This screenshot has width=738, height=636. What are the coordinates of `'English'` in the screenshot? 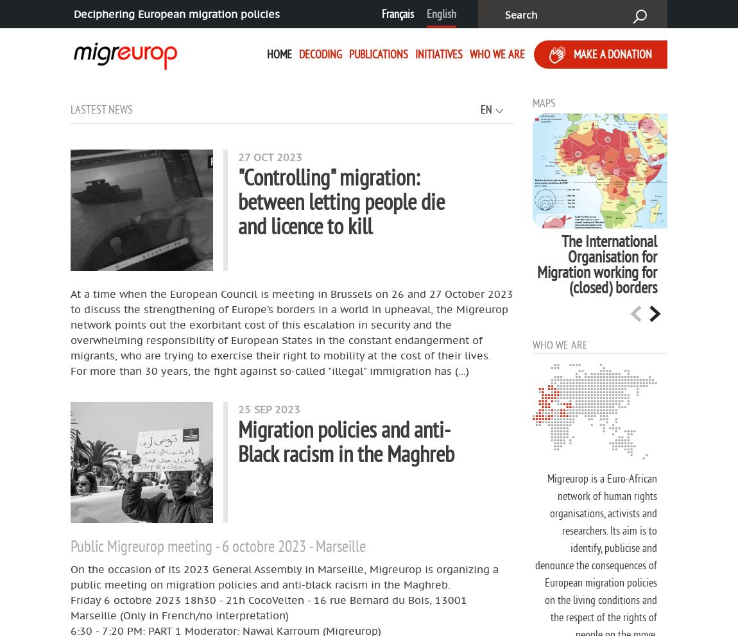 It's located at (441, 13).